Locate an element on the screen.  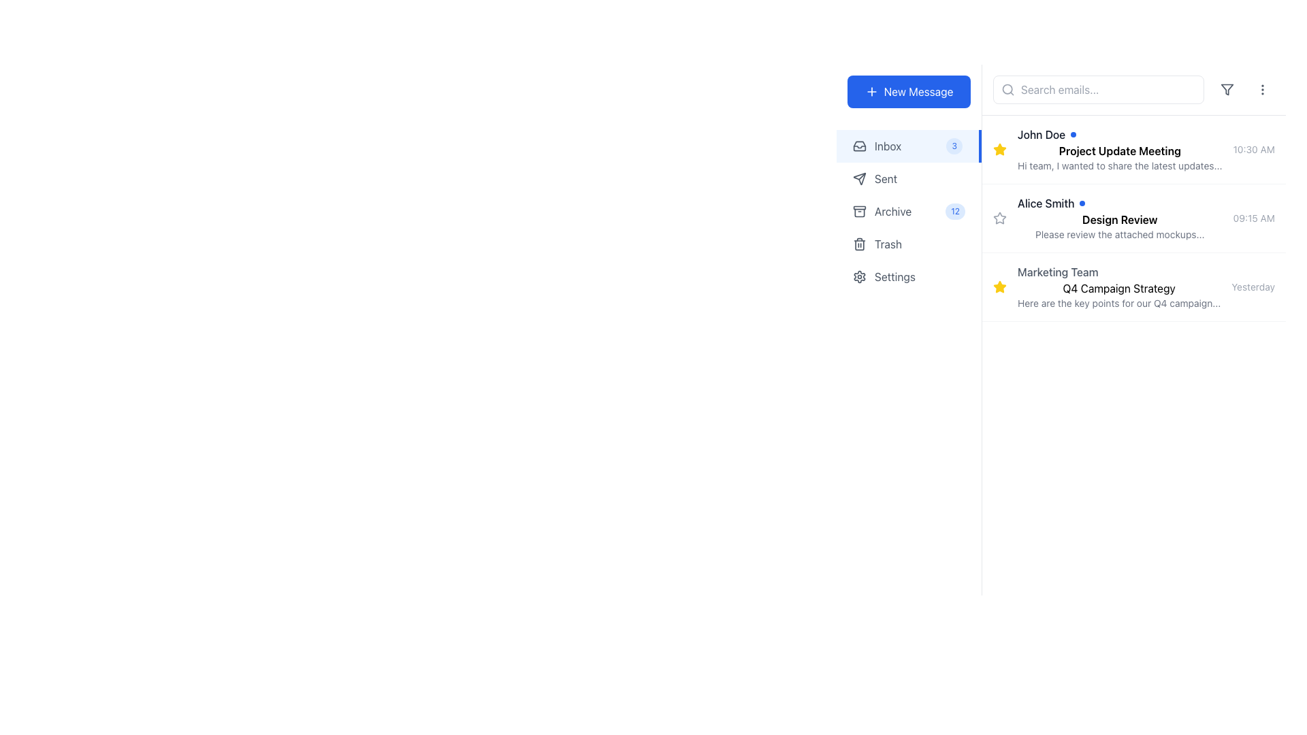
the text label displaying the name 'Alice Smith', which is styled in a sans-serif font and is part of the email list located in the center-right section of the interface is located at coordinates (1045, 203).